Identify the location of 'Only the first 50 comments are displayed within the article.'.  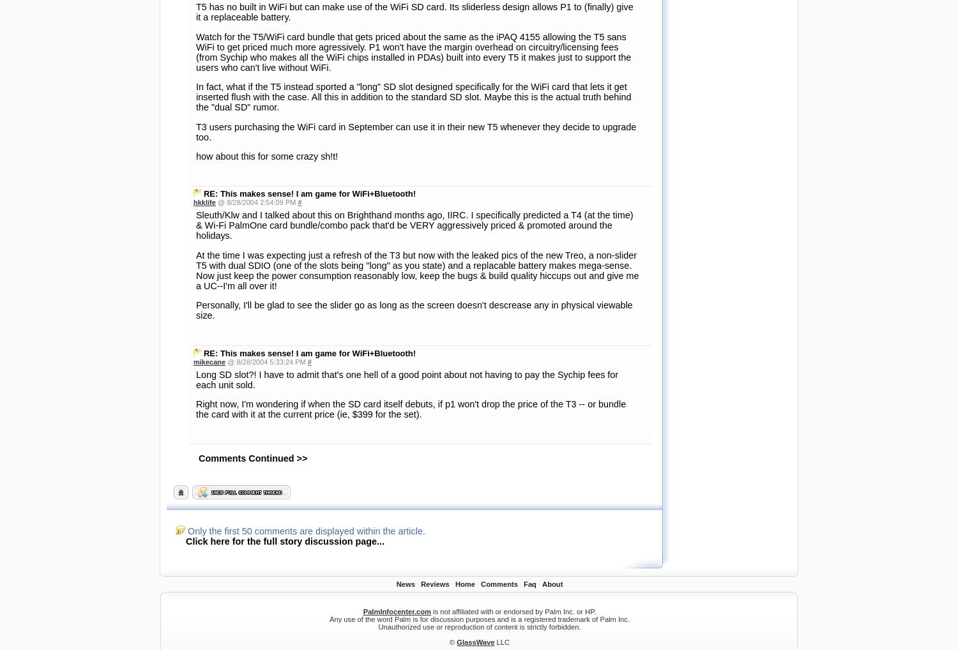
(304, 174).